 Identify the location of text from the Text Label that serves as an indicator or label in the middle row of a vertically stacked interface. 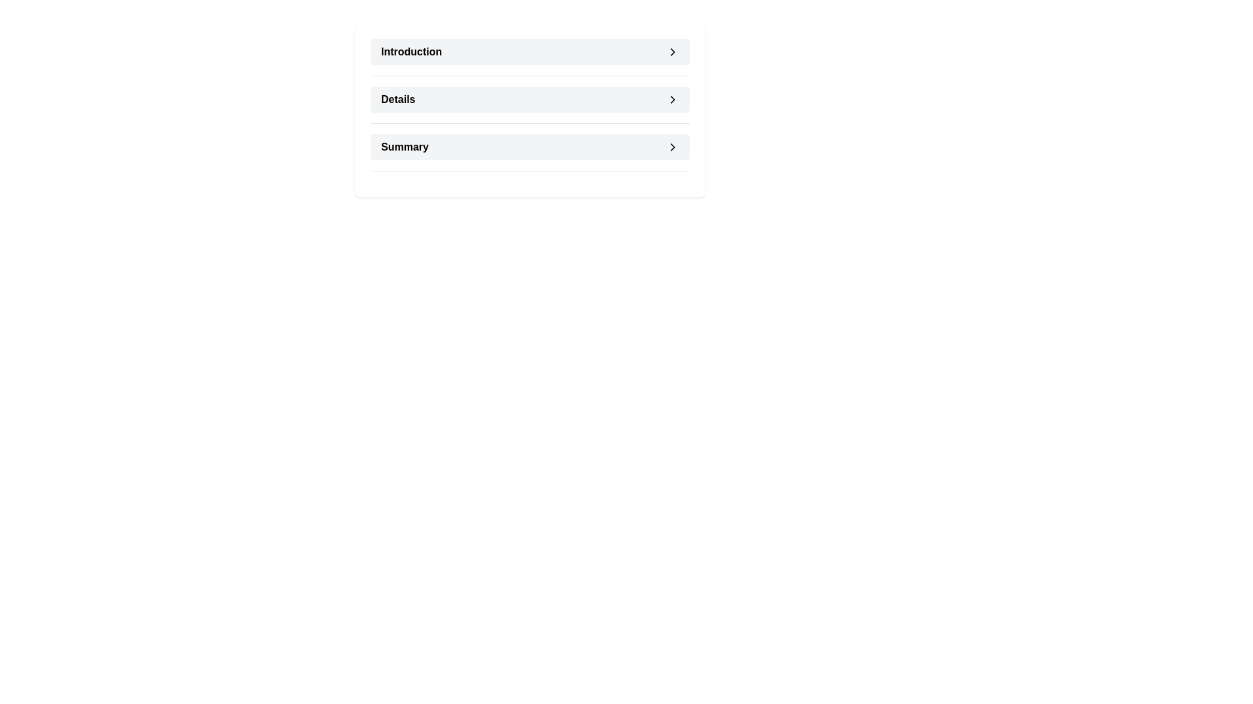
(397, 99).